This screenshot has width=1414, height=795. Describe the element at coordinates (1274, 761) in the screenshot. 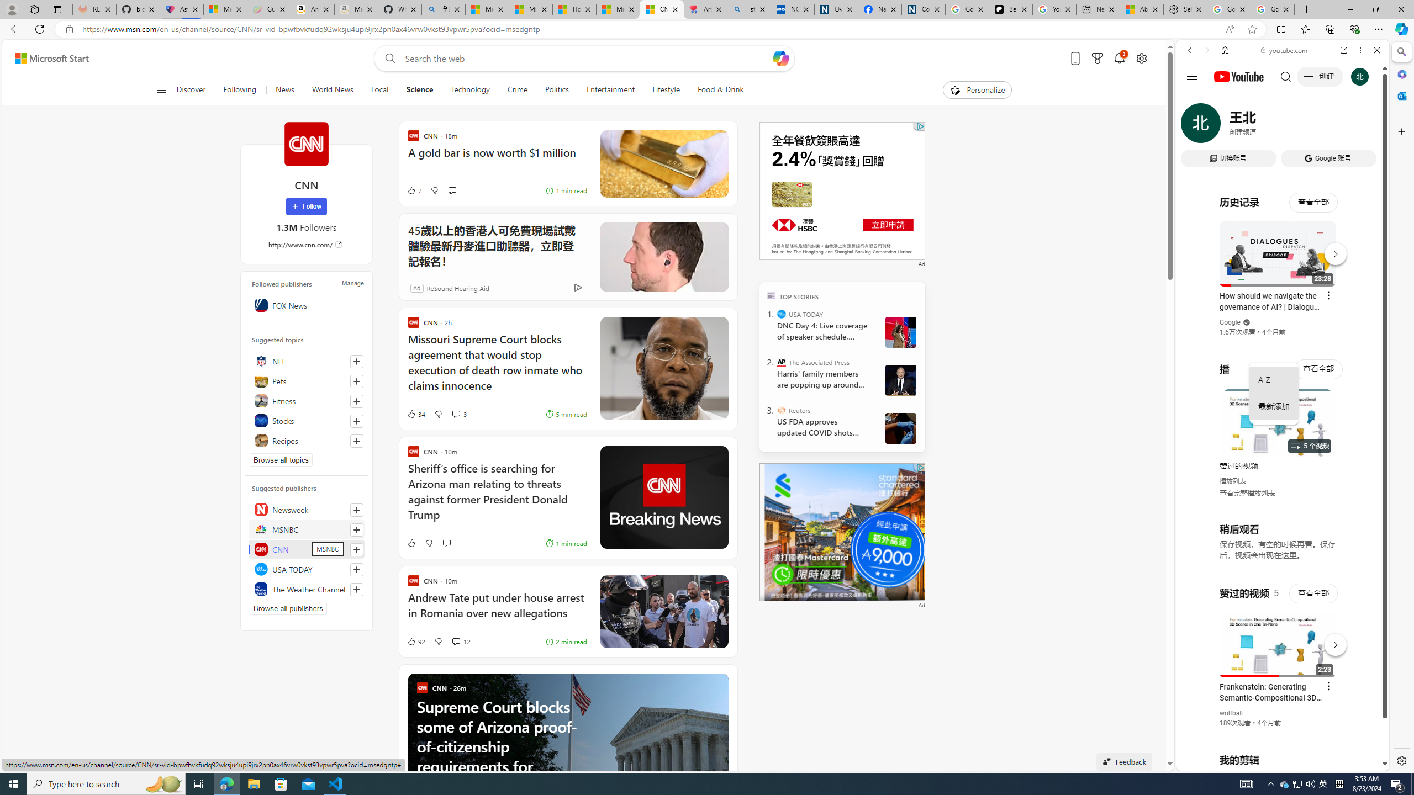

I see `'Class: dict_pnIcon rms_img'` at that location.